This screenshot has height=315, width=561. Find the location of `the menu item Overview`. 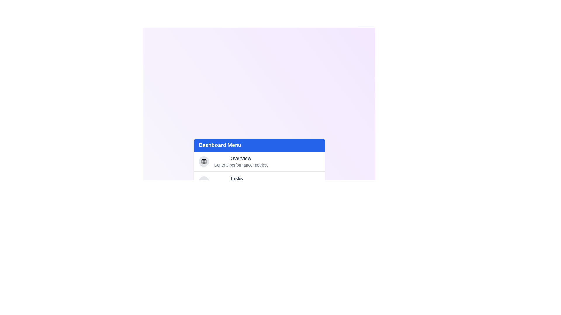

the menu item Overview is located at coordinates (241, 158).